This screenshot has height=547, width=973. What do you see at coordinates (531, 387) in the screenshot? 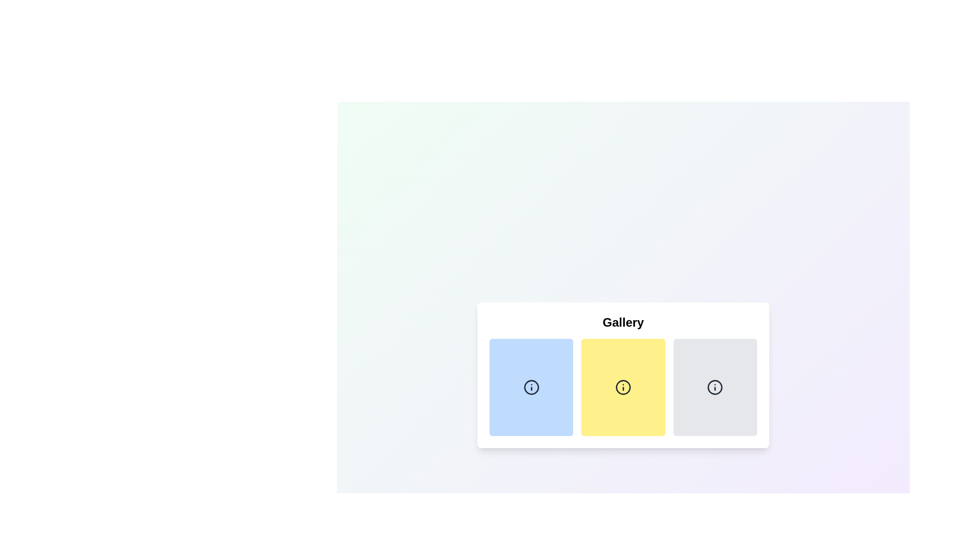
I see `the blue rectangle Image Card with a circular 'i' icon at the center` at bounding box center [531, 387].